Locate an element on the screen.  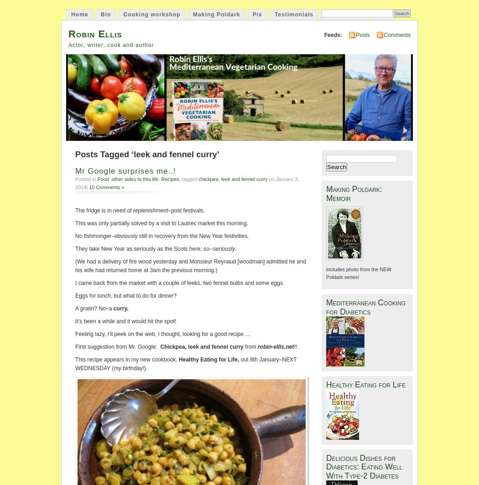
'Making Poldark: Memoir' is located at coordinates (354, 193).